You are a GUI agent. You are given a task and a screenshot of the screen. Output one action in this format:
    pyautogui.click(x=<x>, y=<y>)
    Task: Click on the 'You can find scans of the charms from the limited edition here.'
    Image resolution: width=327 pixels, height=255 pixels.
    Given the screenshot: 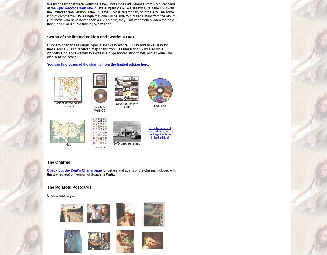 What is the action you would take?
    pyautogui.click(x=98, y=64)
    